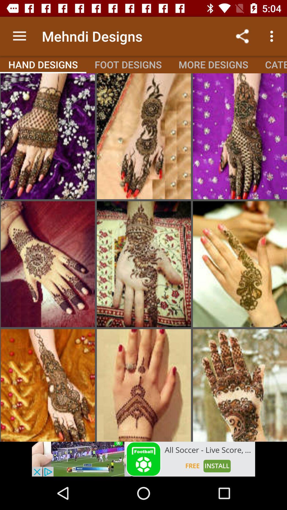  Describe the element at coordinates (48, 264) in the screenshot. I see `enlarge image` at that location.